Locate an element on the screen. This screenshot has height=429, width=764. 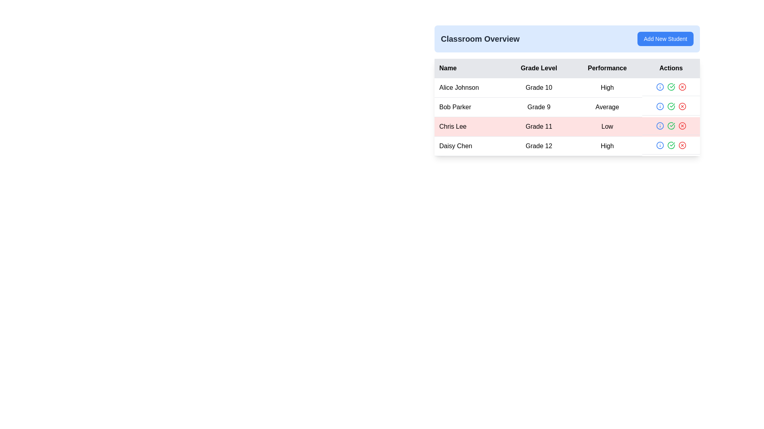
the Text Cell displaying the individual's name is located at coordinates (470, 87).